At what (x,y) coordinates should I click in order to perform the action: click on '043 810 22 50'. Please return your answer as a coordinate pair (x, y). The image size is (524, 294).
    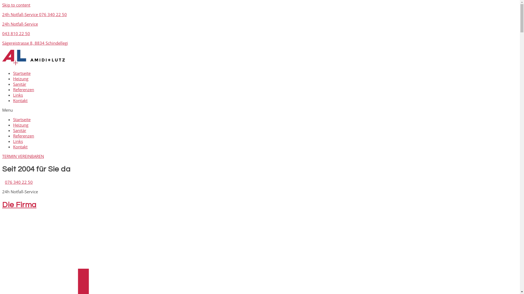
    Looking at the image, I should click on (16, 33).